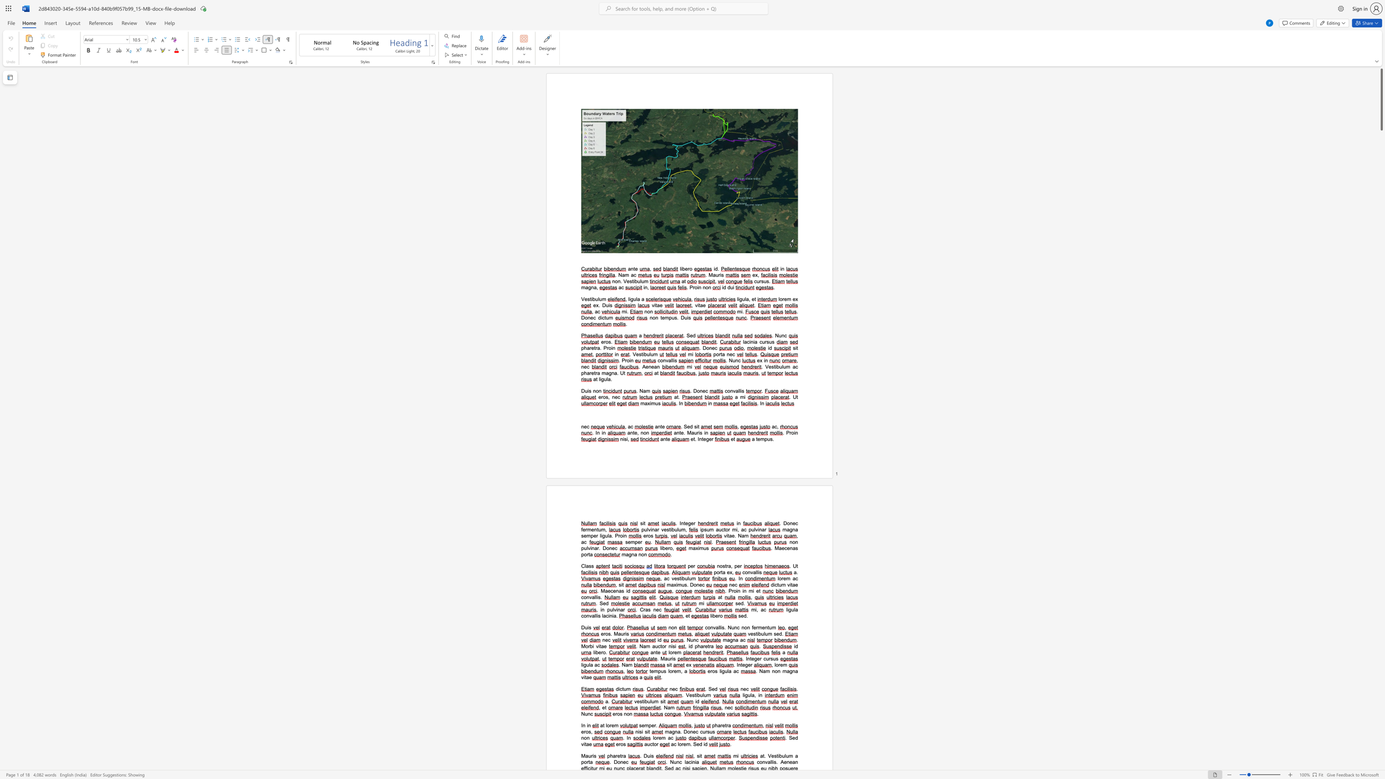 This screenshot has width=1385, height=779. What do you see at coordinates (639, 731) in the screenshot?
I see `the space between the continuous character "i" and "s" in the text` at bounding box center [639, 731].